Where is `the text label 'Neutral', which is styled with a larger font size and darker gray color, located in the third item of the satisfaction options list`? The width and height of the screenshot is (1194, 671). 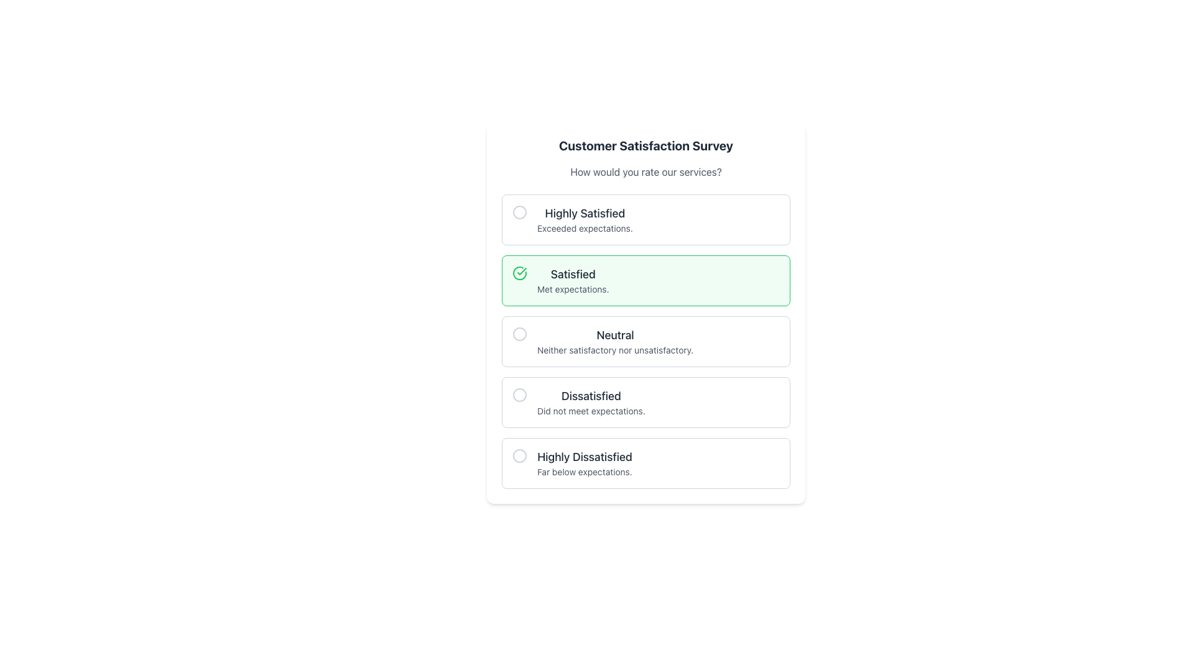 the text label 'Neutral', which is styled with a larger font size and darker gray color, located in the third item of the satisfaction options list is located at coordinates (615, 335).